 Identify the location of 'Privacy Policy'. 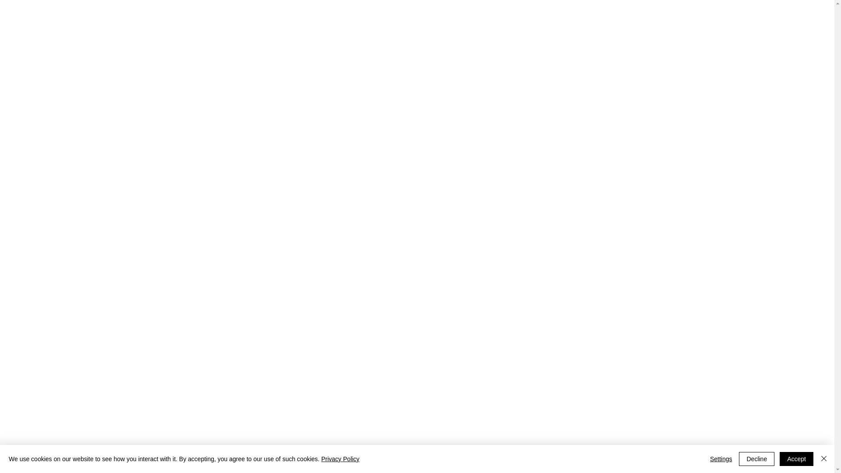
(339, 459).